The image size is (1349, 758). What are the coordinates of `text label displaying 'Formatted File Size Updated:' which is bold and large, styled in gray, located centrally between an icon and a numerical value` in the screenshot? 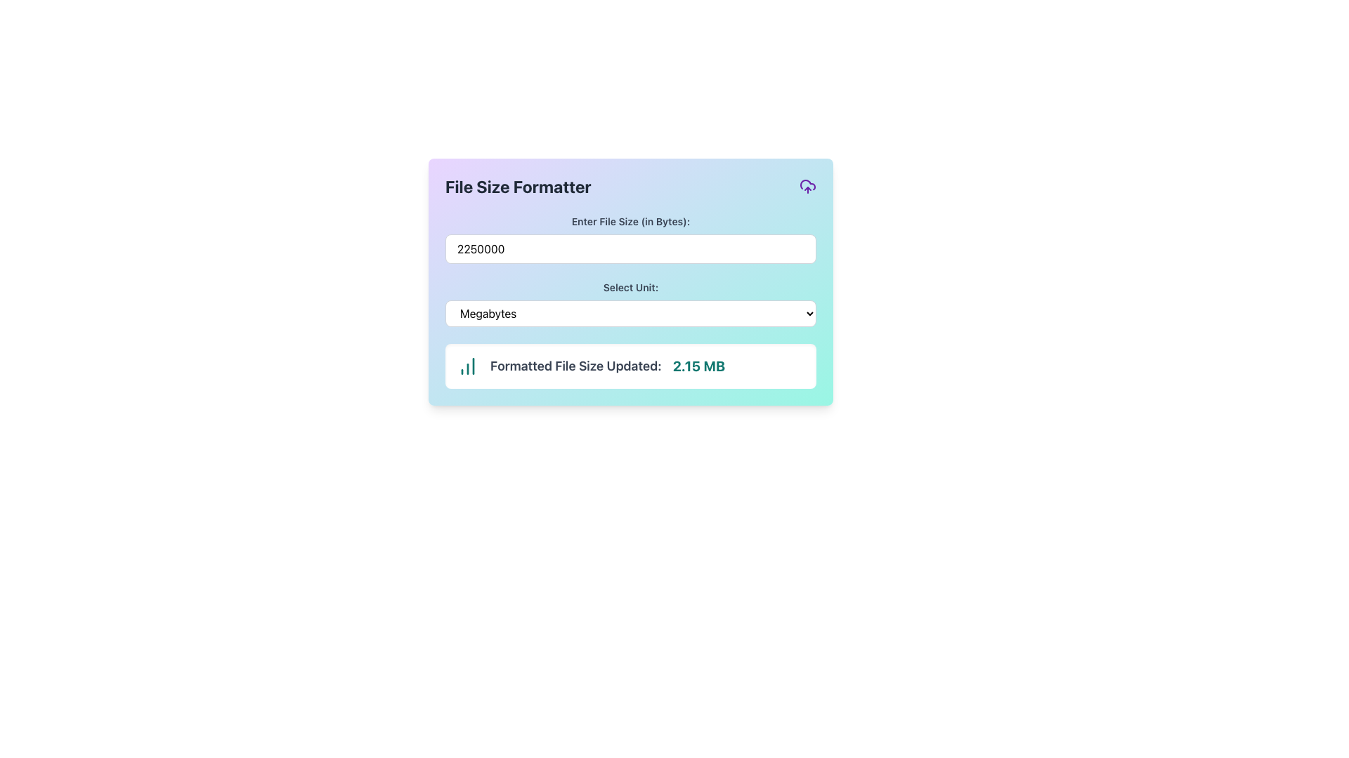 It's located at (575, 365).